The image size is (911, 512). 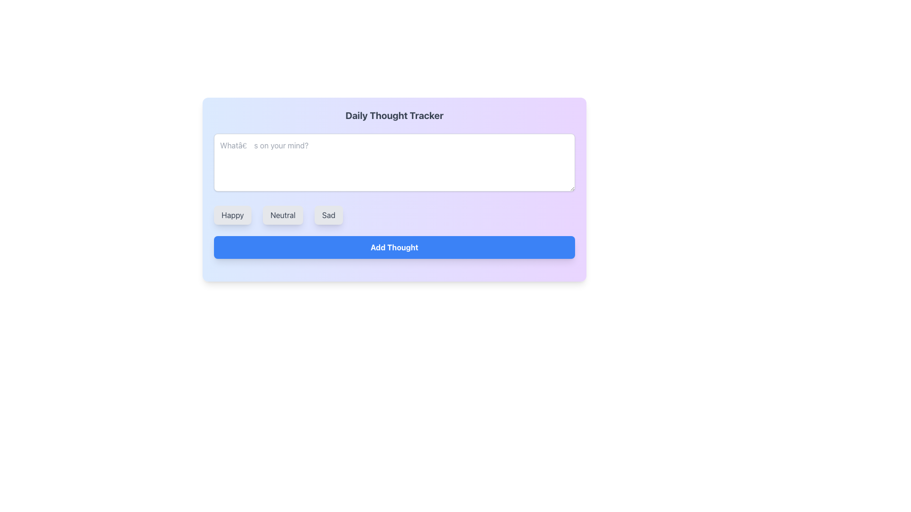 I want to click on the 'Neutral' button, which is the second in a group of three horizontally aligned sentiment buttons, styled with rounded edges and a light gray background, so click(x=282, y=215).